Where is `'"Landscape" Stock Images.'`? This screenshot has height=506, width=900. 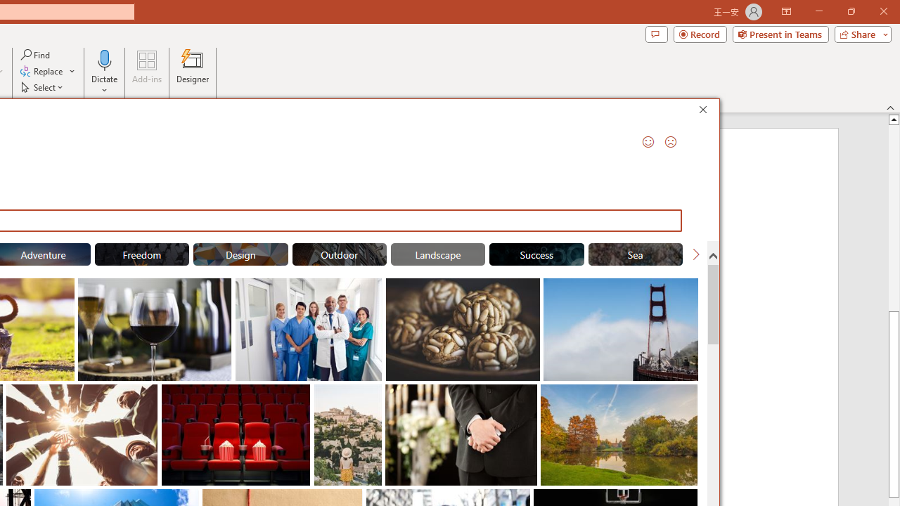 '"Landscape" Stock Images.' is located at coordinates (437, 254).